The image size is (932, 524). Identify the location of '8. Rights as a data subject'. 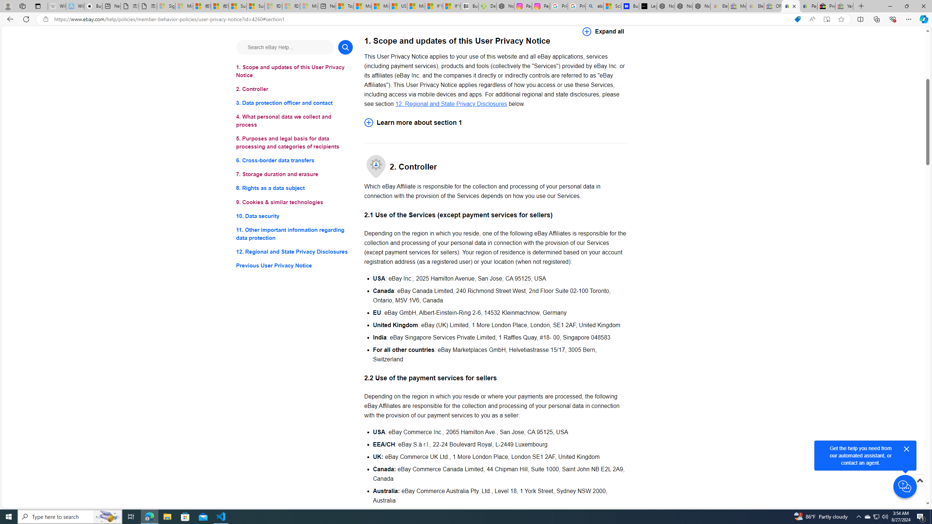
(294, 188).